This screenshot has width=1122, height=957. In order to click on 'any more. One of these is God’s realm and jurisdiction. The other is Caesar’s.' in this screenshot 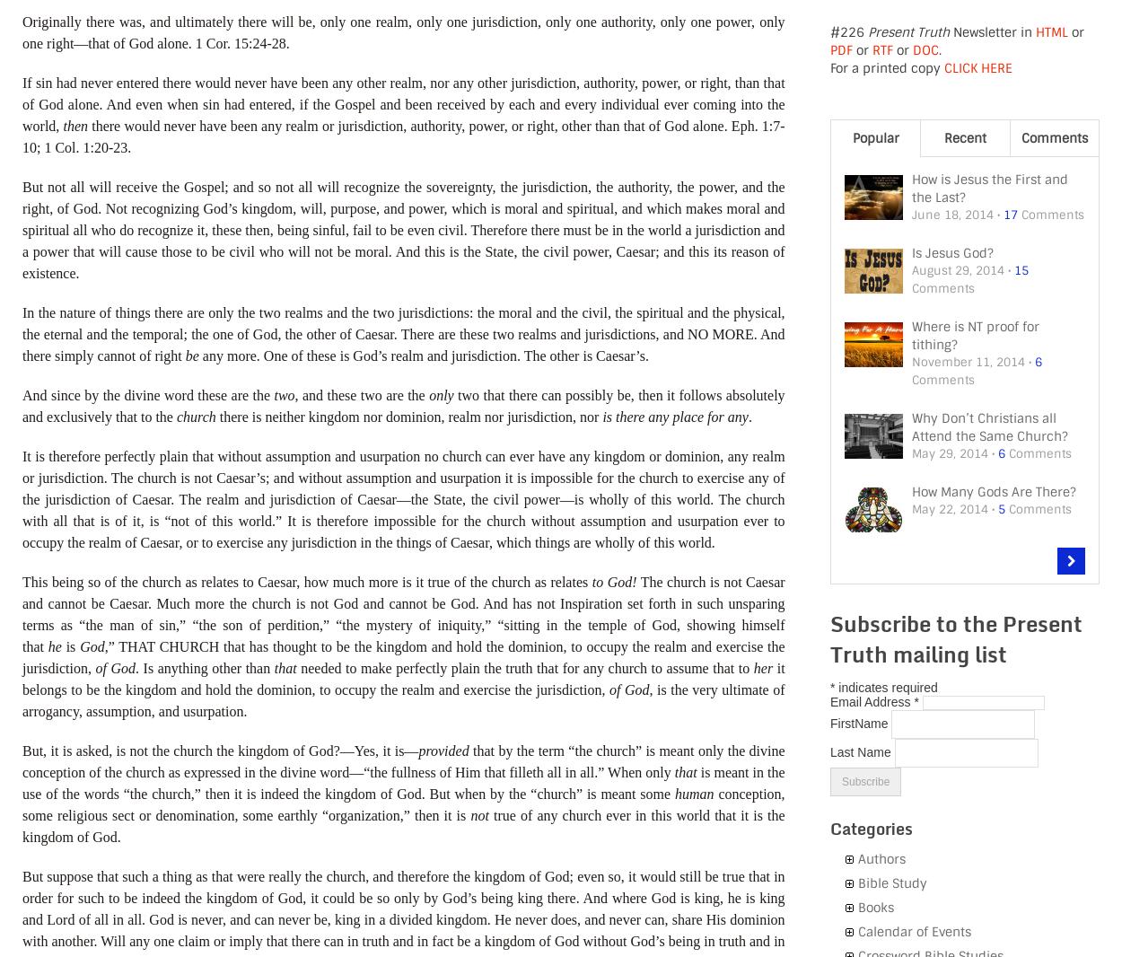, I will do `click(422, 355)`.